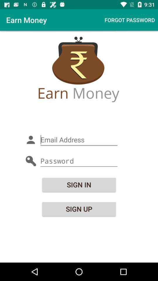  I want to click on password, so click(79, 161).